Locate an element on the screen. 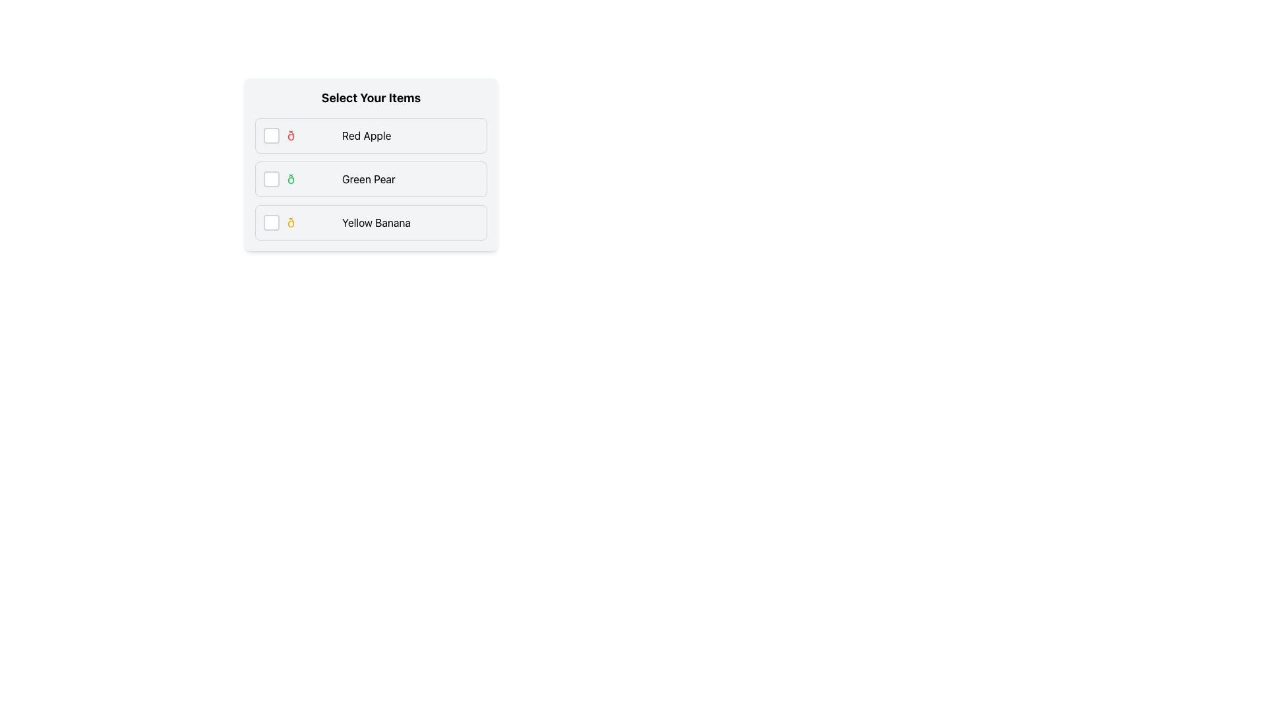 This screenshot has width=1266, height=712. the text label displaying 'Green Pear' in a black font, which is located within a list item and positioned to the right of an icon is located at coordinates (369, 179).